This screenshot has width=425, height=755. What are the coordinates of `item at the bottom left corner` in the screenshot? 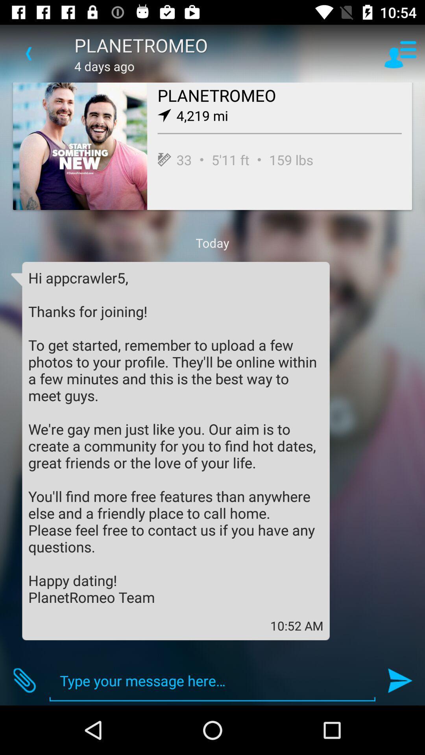 It's located at (24, 680).